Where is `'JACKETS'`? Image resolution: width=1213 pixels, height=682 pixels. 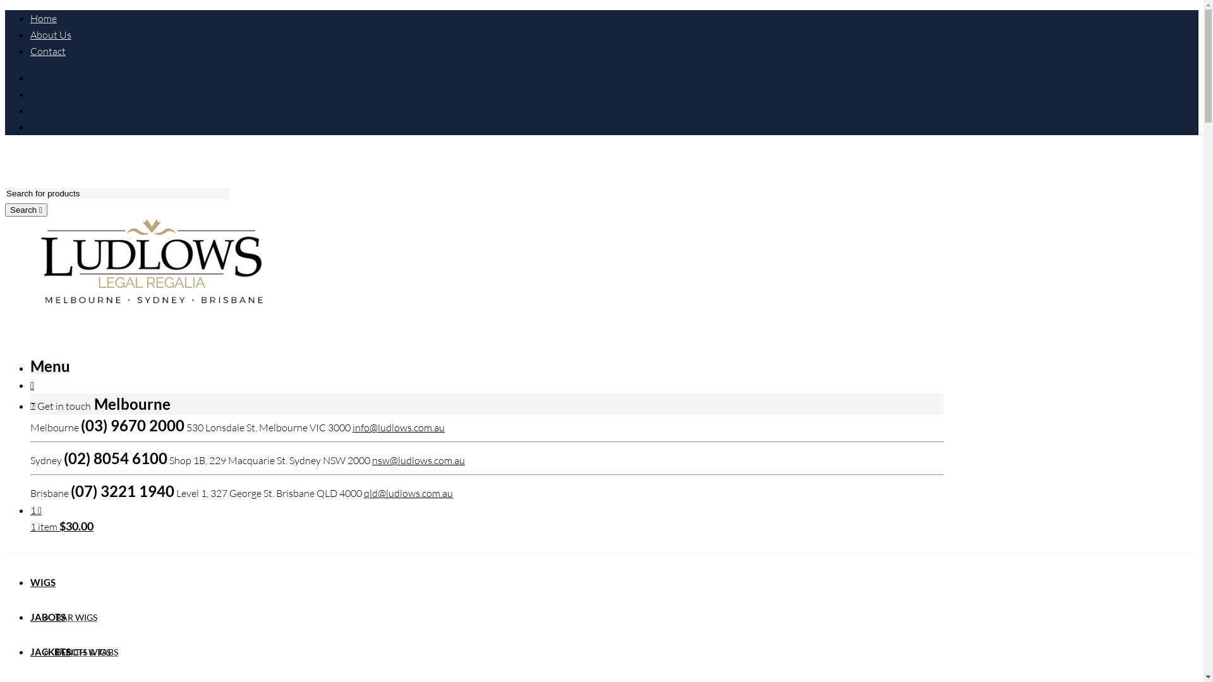
'JACKETS' is located at coordinates (51, 652).